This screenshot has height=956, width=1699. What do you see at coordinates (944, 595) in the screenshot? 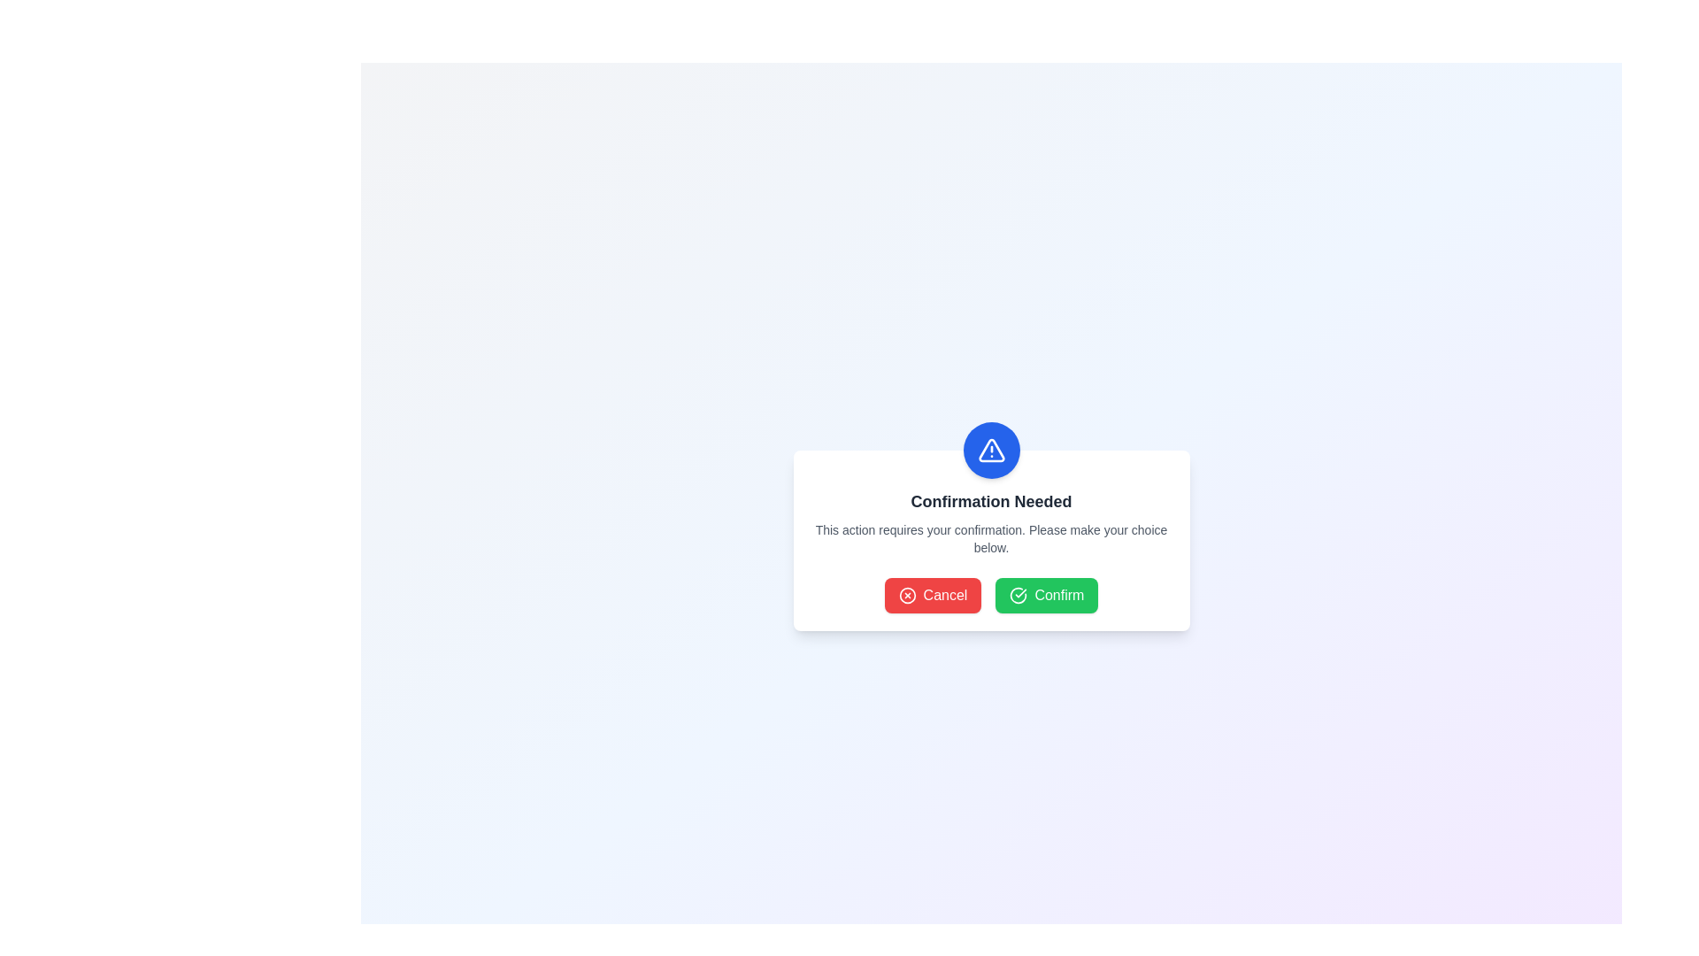
I see `the red 'Cancel' text label on the confirmation dialog` at bounding box center [944, 595].